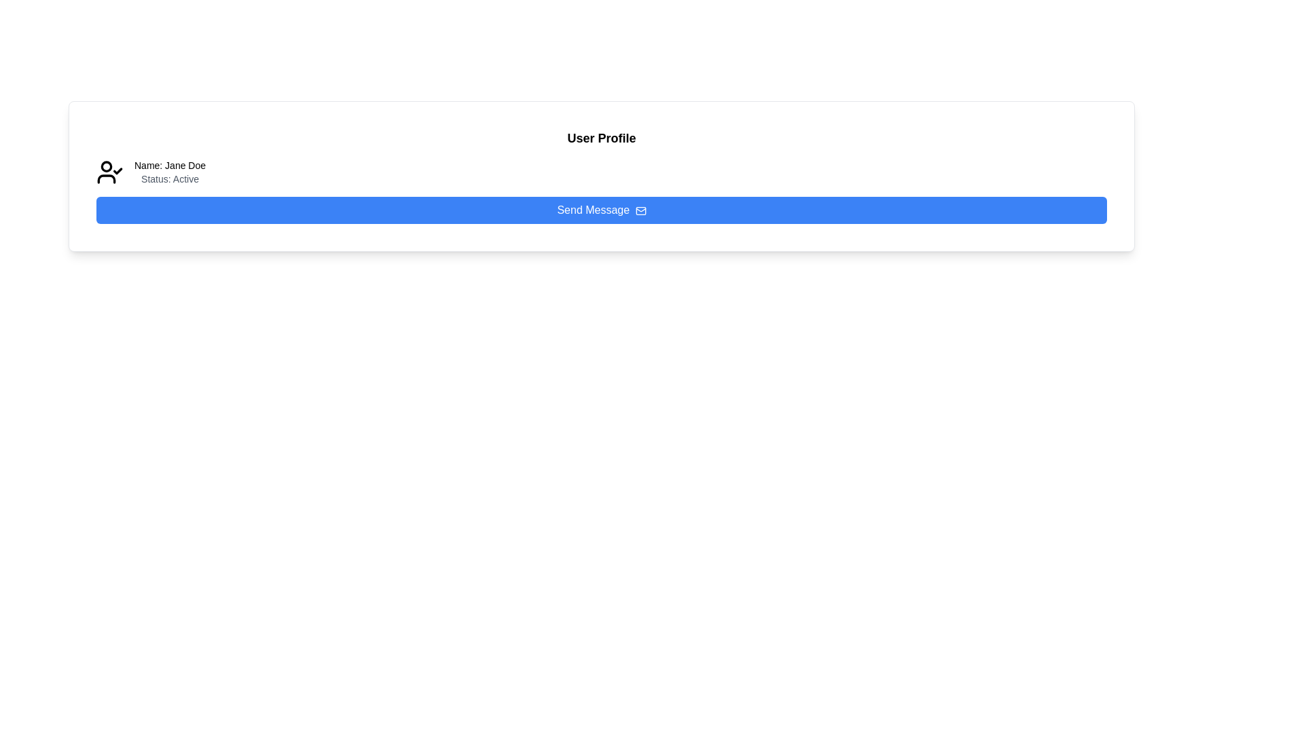 This screenshot has height=733, width=1304. What do you see at coordinates (106, 166) in the screenshot?
I see `the vector graphic circle that represents part of the user's profile icon, located to the left of the name and status text` at bounding box center [106, 166].